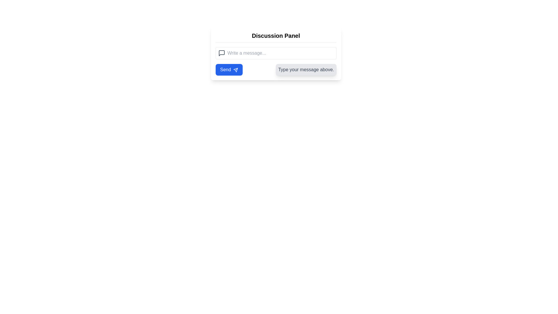 This screenshot has width=558, height=314. I want to click on the rectangular 'Send' button with a blue background and a paper airplane icon, located at the specified coordinates to interact with it, so click(229, 69).